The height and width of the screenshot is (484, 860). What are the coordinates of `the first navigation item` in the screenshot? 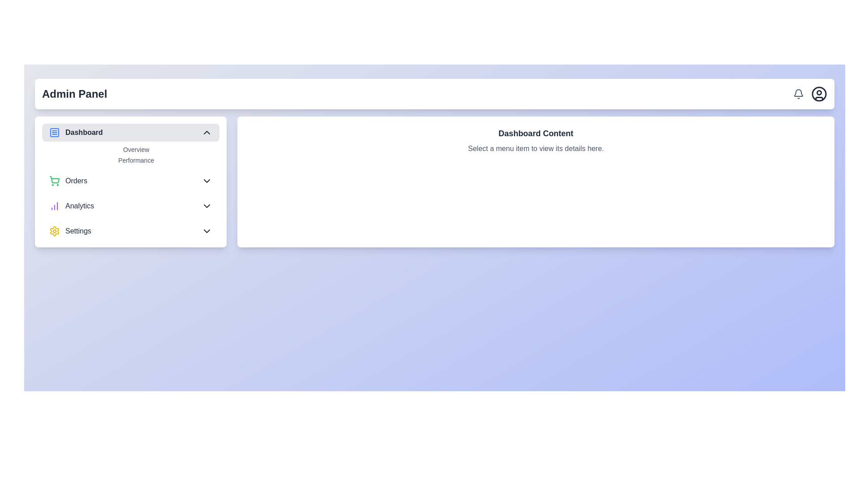 It's located at (76, 133).